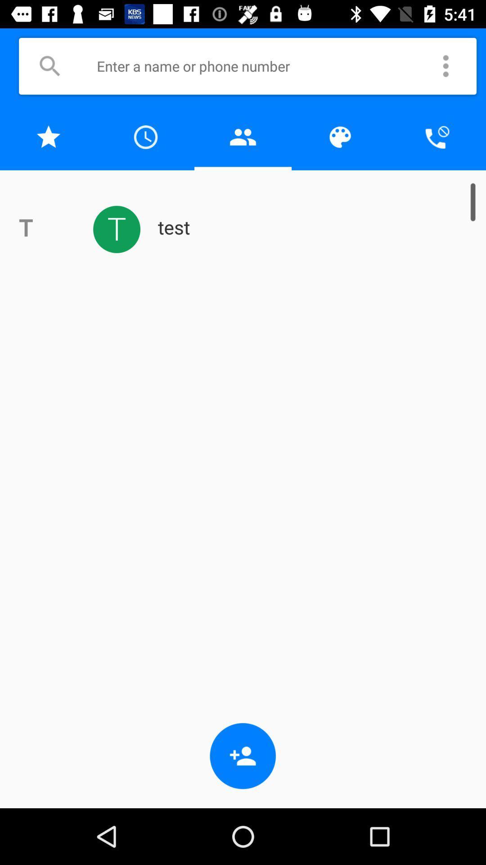 This screenshot has height=865, width=486. I want to click on contact list, so click(243, 137).